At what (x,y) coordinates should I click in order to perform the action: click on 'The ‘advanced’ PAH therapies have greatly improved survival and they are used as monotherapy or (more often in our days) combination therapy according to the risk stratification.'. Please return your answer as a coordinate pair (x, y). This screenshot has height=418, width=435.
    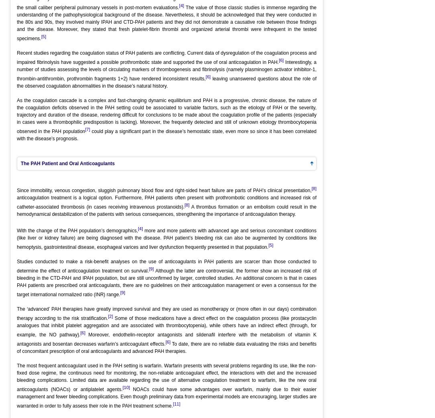
    Looking at the image, I should click on (17, 313).